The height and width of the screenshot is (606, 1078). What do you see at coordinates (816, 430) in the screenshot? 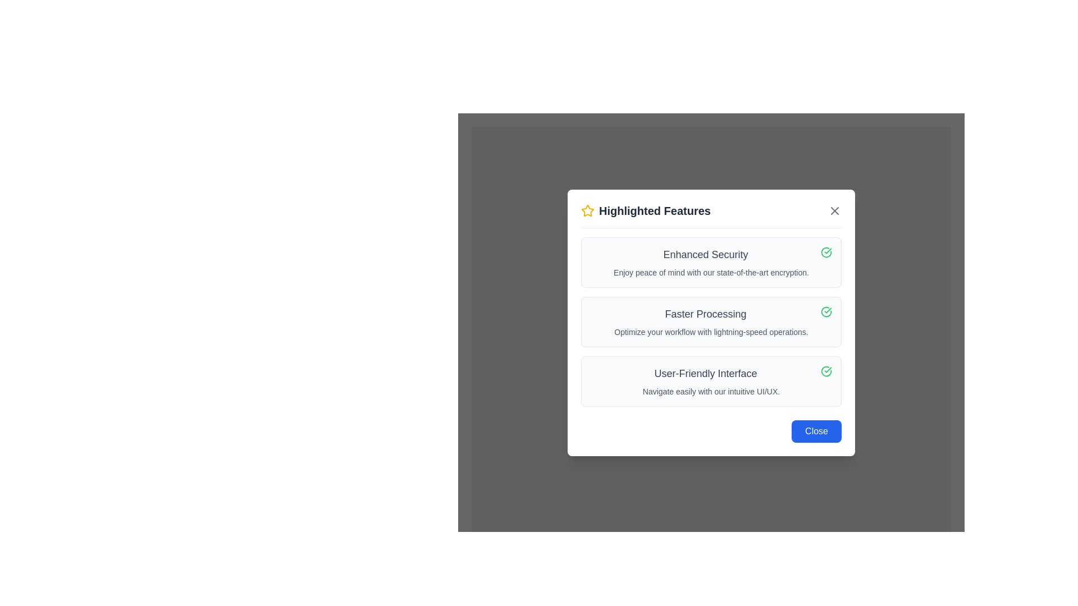
I see `the close button located at the bottom-right of the 'Highlighted Features' modal window to change its color` at bounding box center [816, 430].